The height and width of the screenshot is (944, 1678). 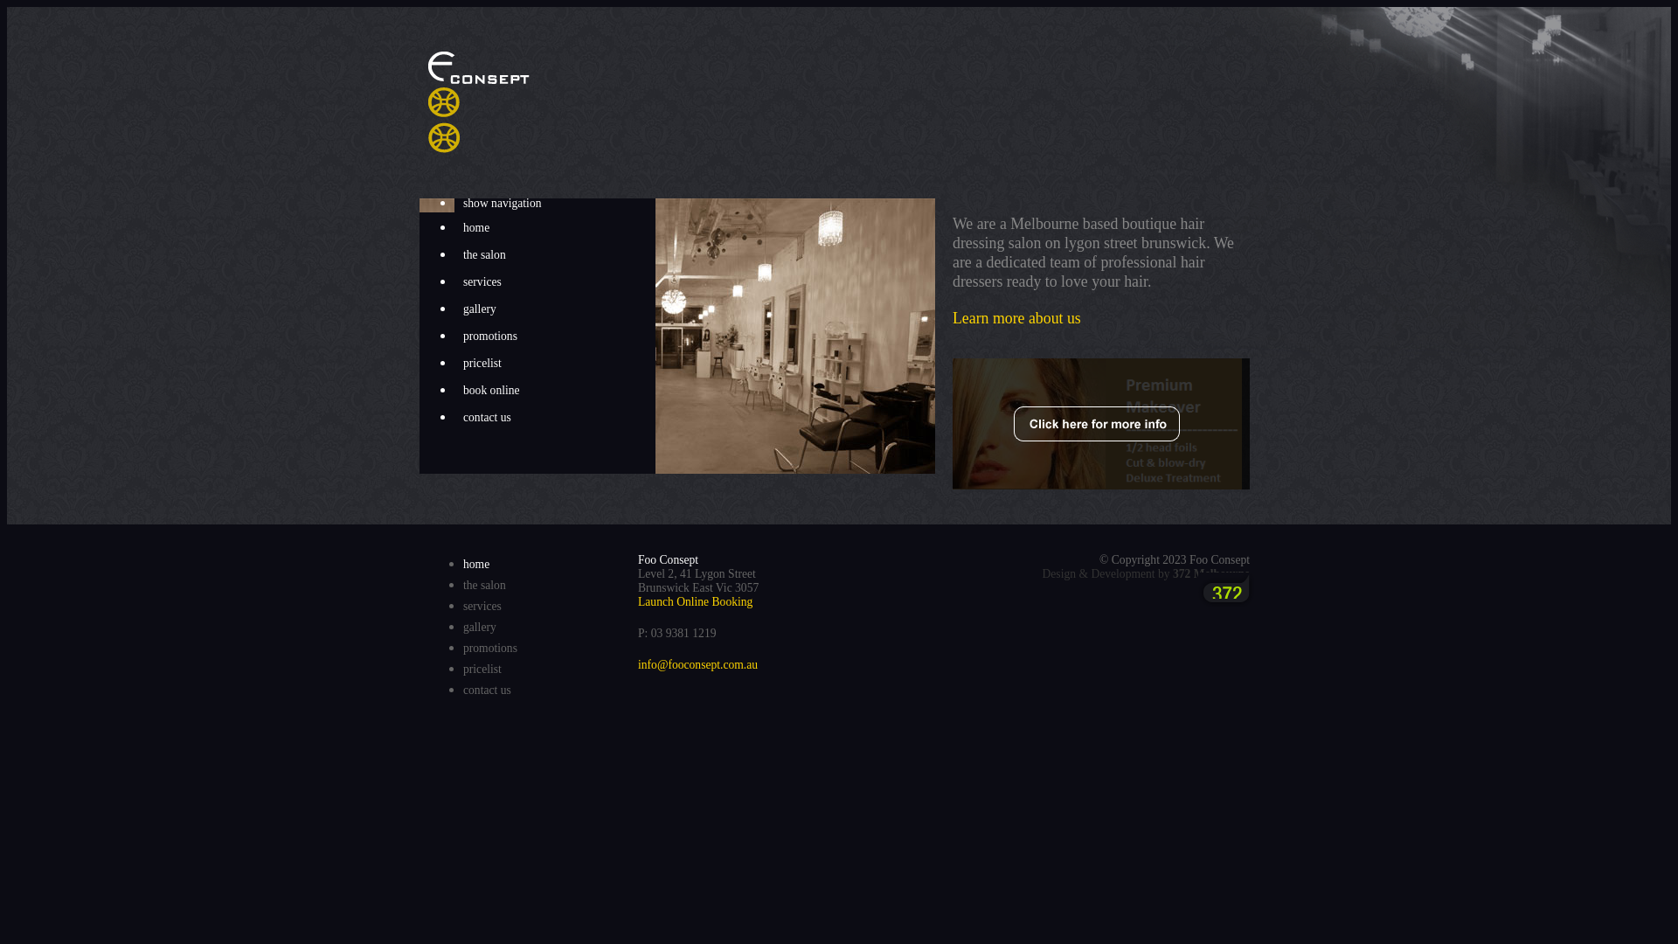 I want to click on 'the salon', so click(x=553, y=255).